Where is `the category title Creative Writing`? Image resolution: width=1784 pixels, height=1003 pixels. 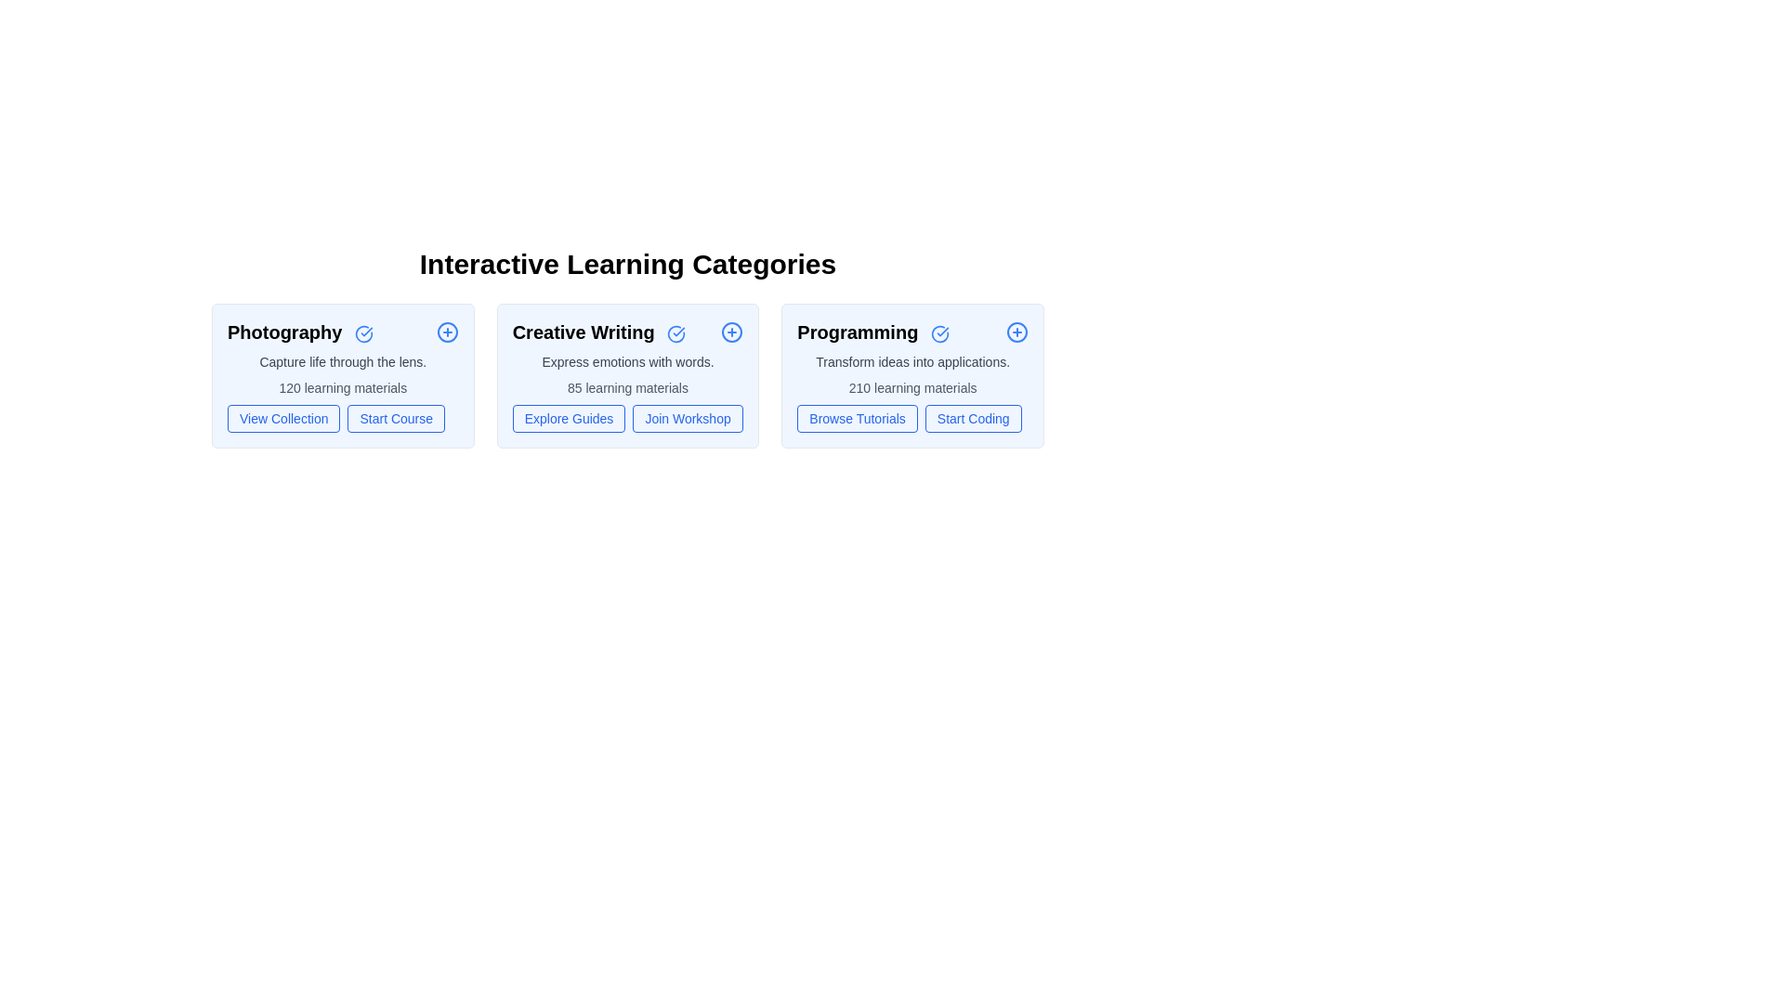
the category title Creative Writing is located at coordinates (598, 332).